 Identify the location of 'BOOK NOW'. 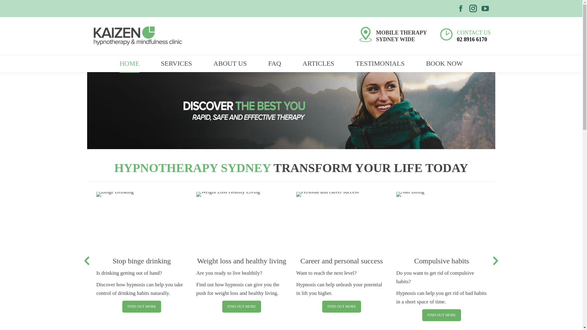
(444, 64).